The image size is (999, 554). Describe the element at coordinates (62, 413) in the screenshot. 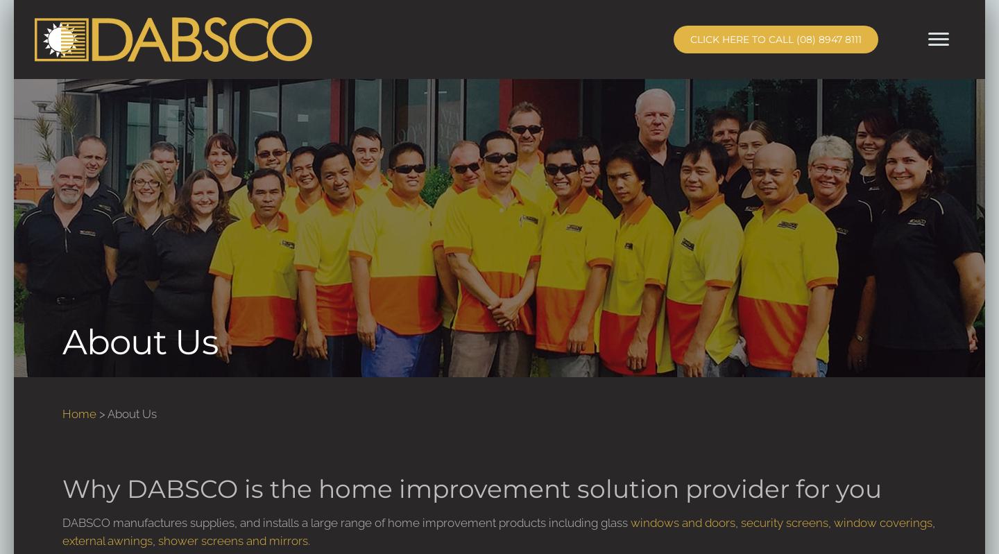

I see `'Home'` at that location.